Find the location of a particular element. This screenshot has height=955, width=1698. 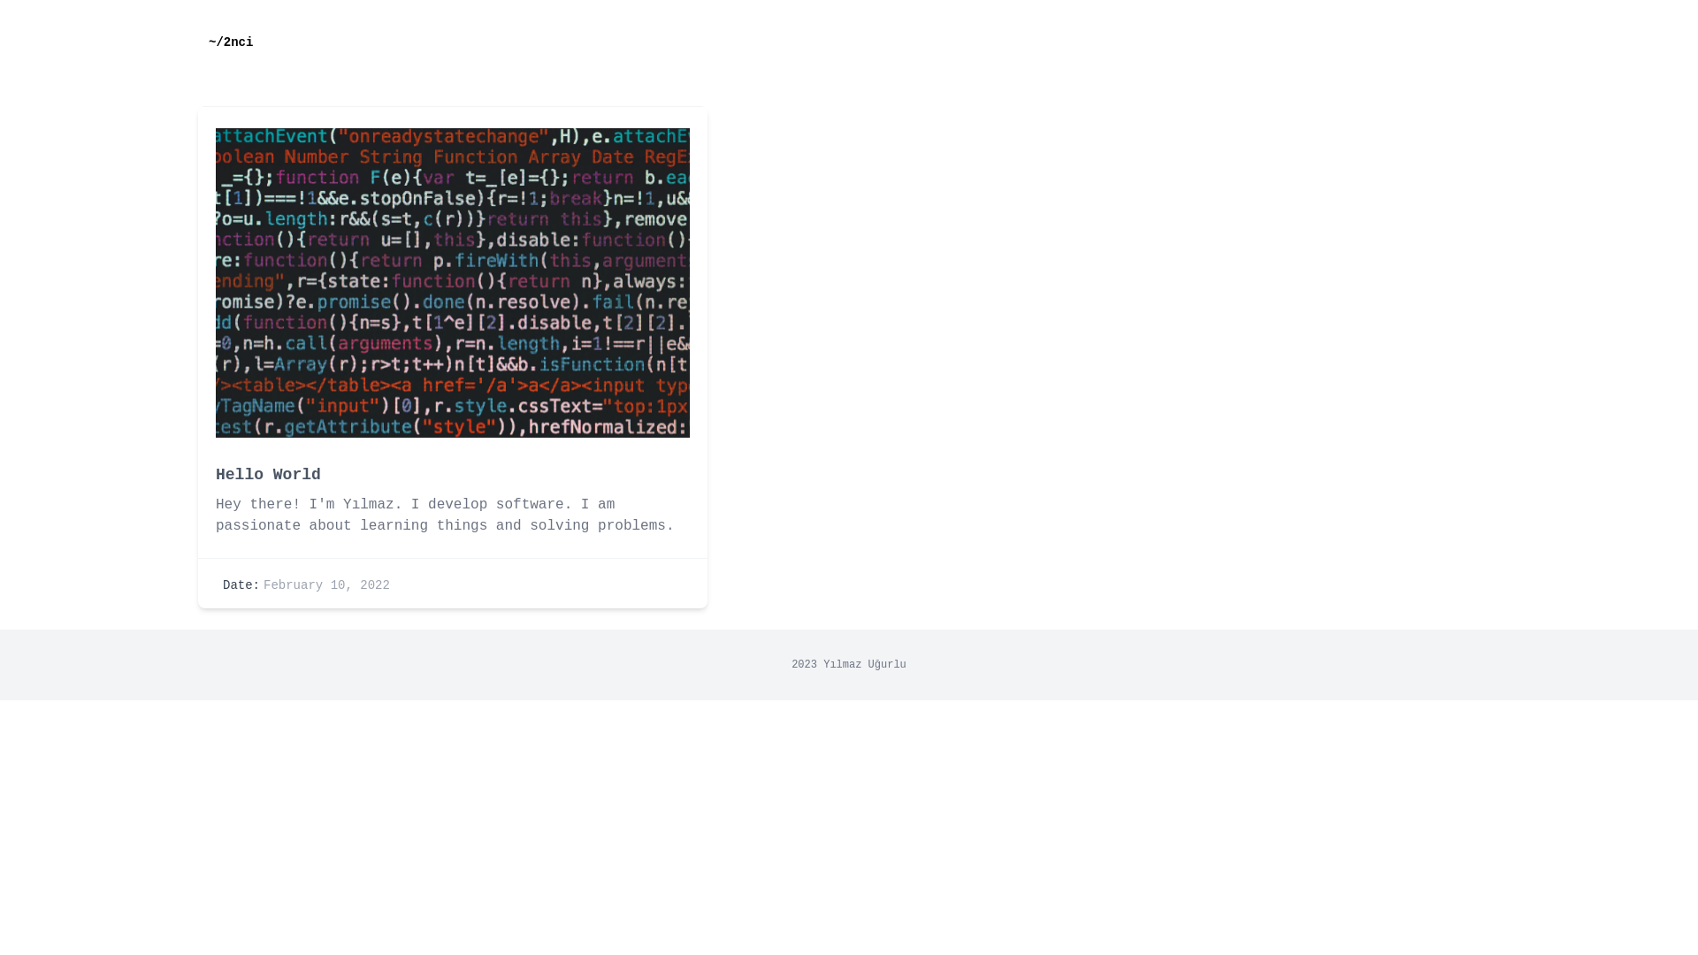

'~/2nci' is located at coordinates (229, 41).